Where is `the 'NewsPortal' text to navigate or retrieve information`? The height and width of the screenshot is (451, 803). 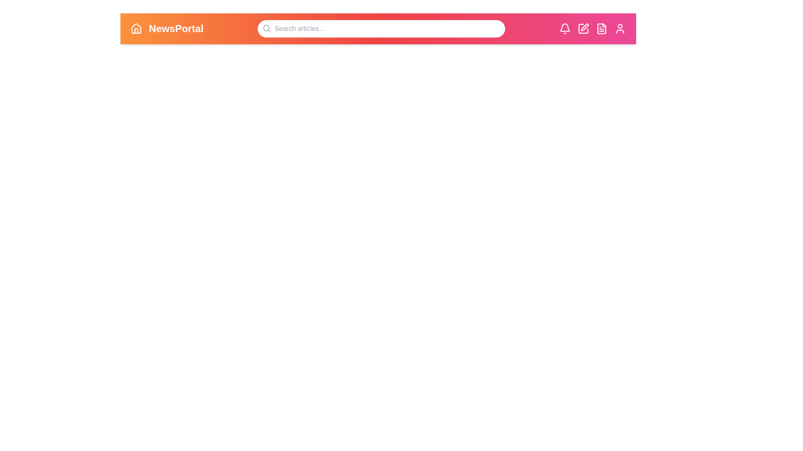 the 'NewsPortal' text to navigate or retrieve information is located at coordinates (176, 28).